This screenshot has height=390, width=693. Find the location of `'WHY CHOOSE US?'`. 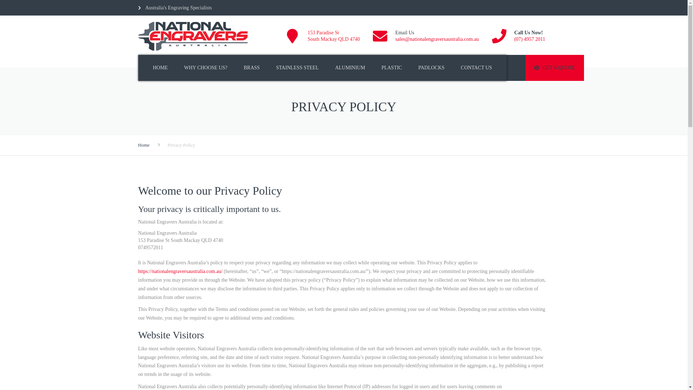

'WHY CHOOSE US?' is located at coordinates (205, 68).